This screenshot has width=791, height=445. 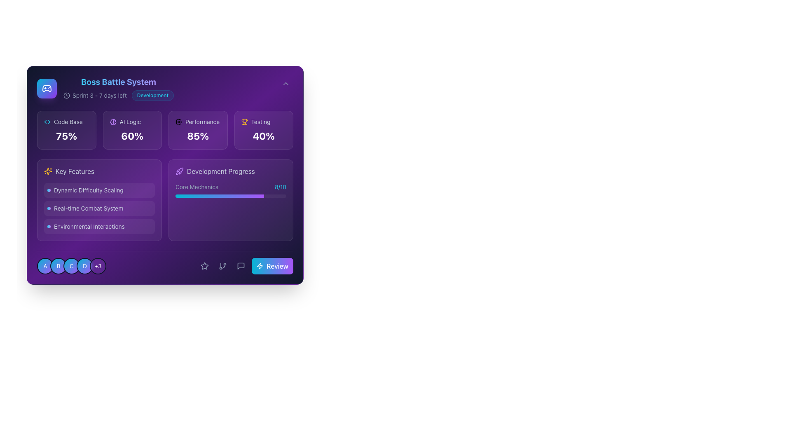 What do you see at coordinates (260, 266) in the screenshot?
I see `the miniature lightning bolt icon located within the 'Review' button, positioned at the bottom-right corner of the interface` at bounding box center [260, 266].